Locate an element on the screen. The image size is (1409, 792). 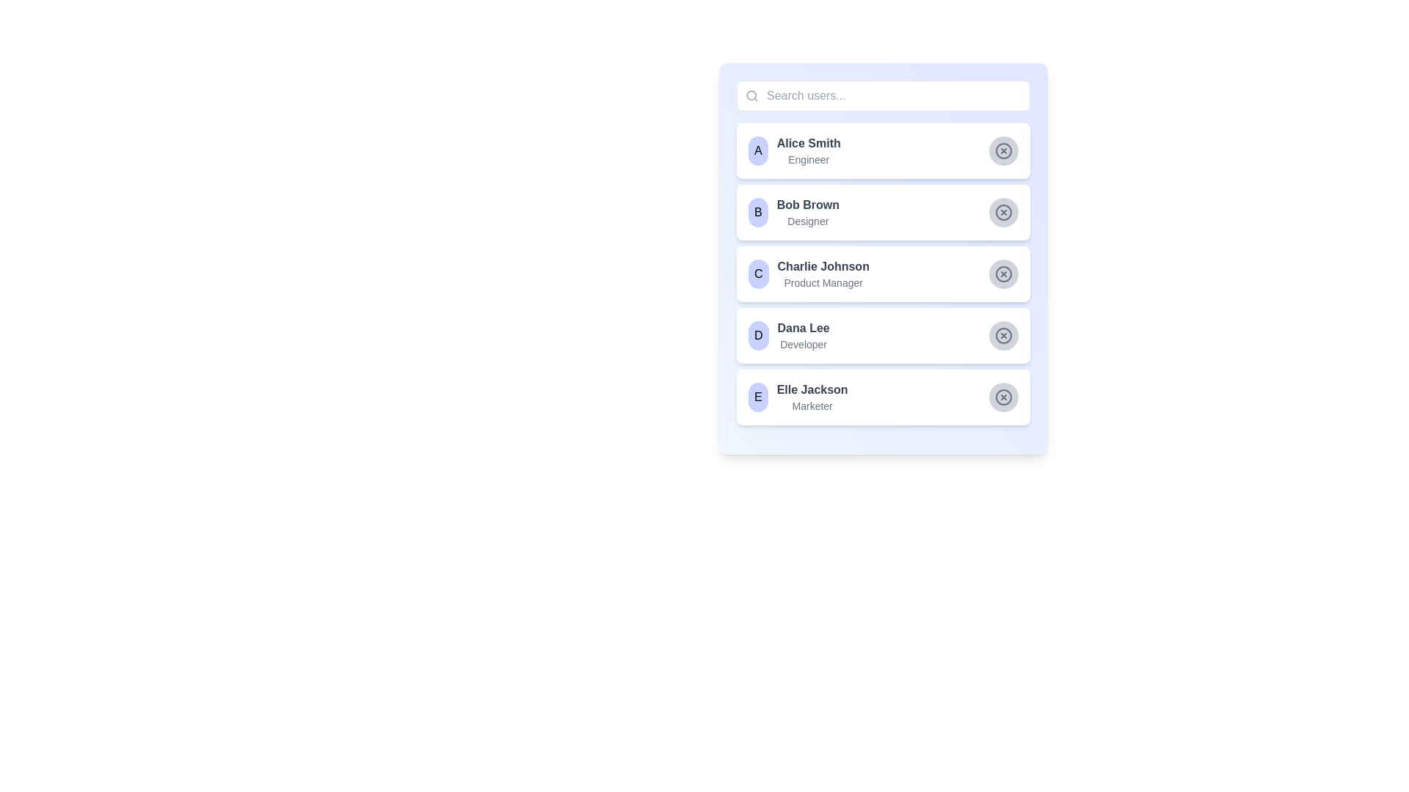
the text label reading 'Marketer', which is styled with a smaller font size and lighter gray color, positioned below the bolded name 'Elle Jackson' in the user directory is located at coordinates (812, 406).